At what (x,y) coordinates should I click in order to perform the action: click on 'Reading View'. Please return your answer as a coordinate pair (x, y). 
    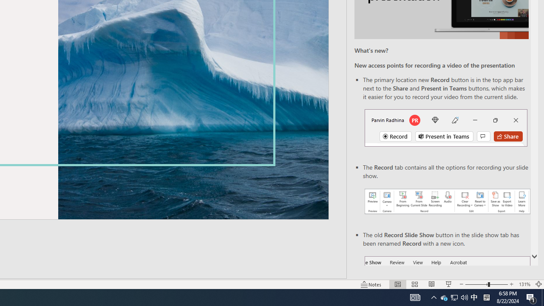
    Looking at the image, I should click on (431, 284).